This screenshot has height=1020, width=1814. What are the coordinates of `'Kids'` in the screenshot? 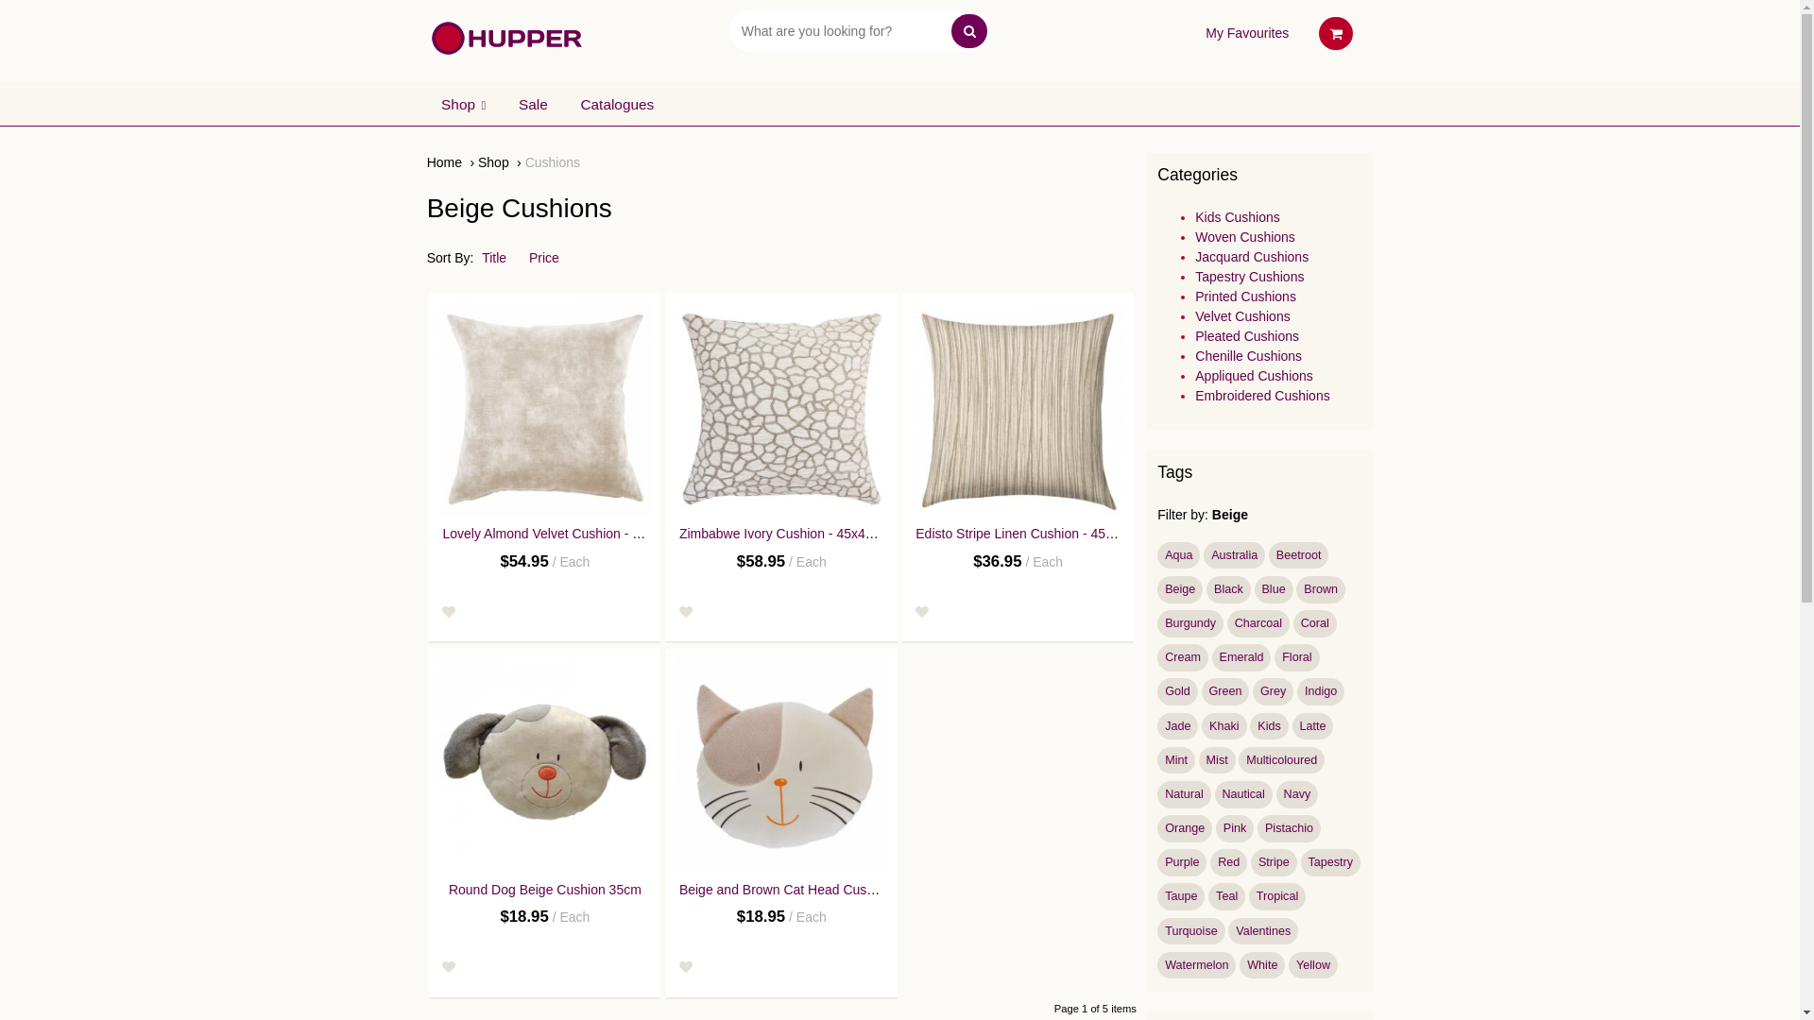 It's located at (1269, 725).